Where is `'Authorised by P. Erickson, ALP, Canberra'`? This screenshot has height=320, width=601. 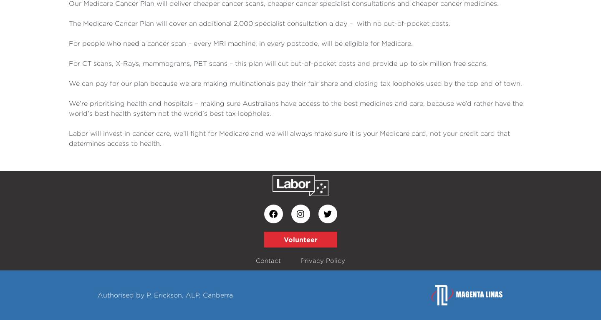
'Authorised by P. Erickson, ALP, Canberra' is located at coordinates (165, 294).